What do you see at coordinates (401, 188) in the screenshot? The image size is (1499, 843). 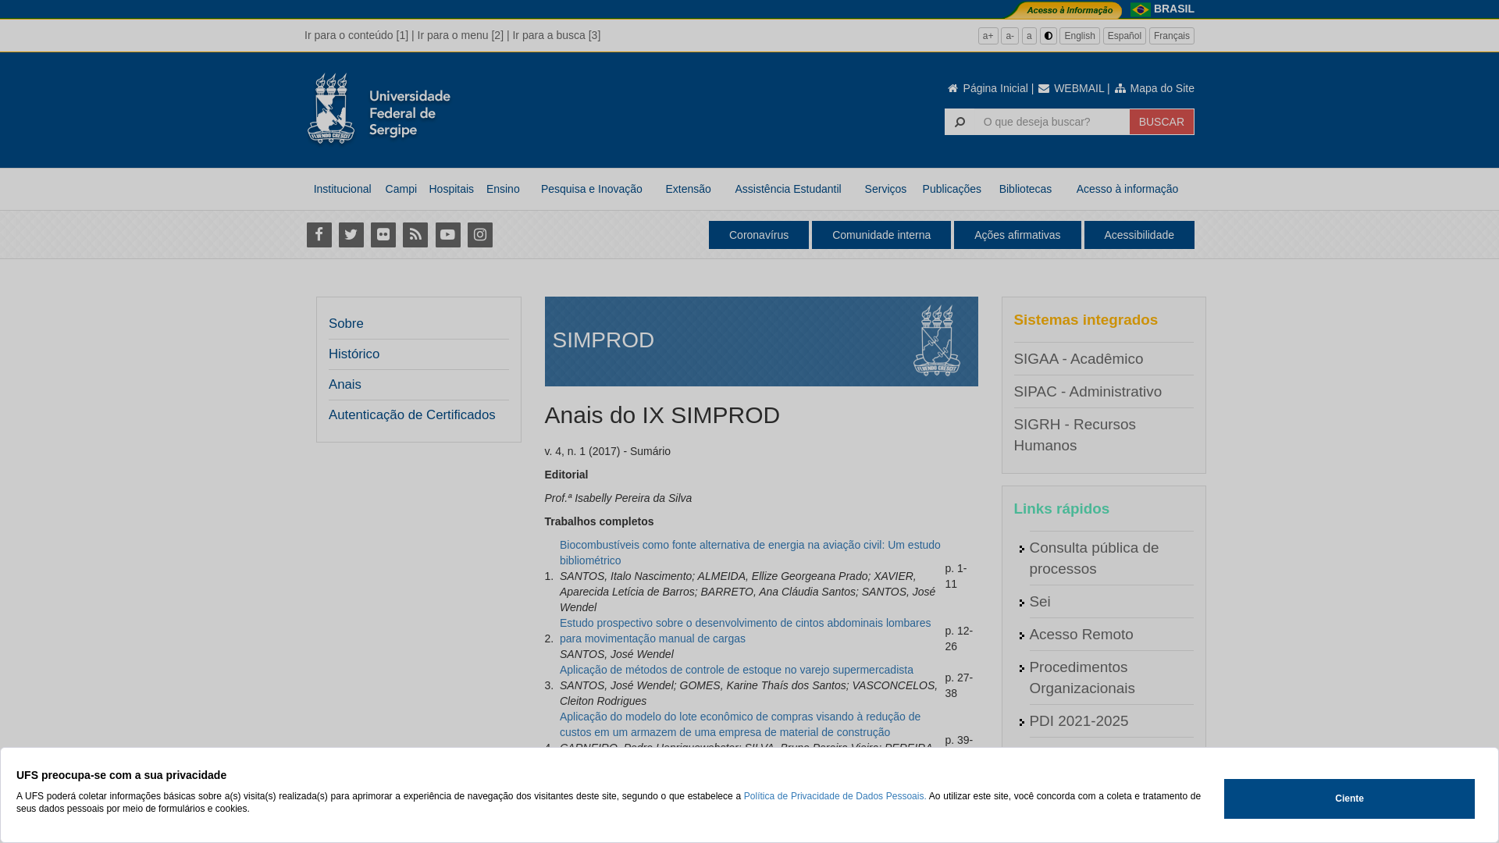 I see `'Campi'` at bounding box center [401, 188].